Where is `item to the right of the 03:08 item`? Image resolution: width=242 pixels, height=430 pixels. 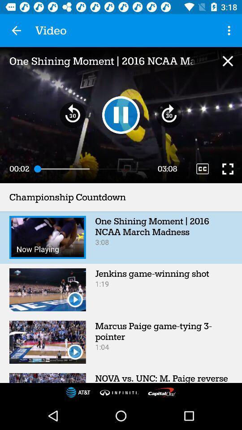 item to the right of the 03:08 item is located at coordinates (203, 168).